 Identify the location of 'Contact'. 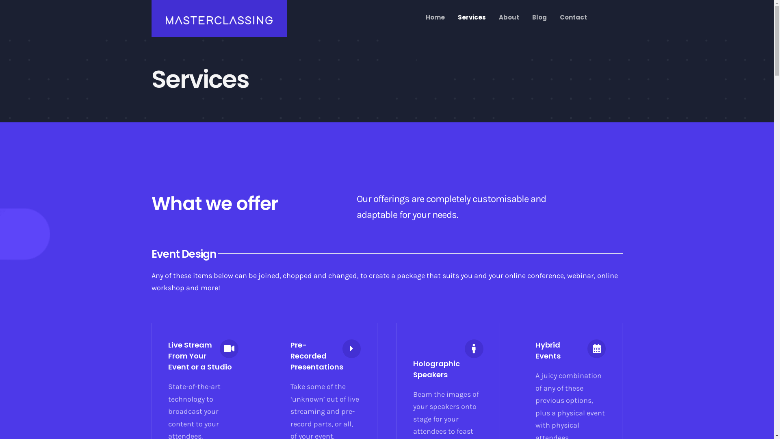
(573, 17).